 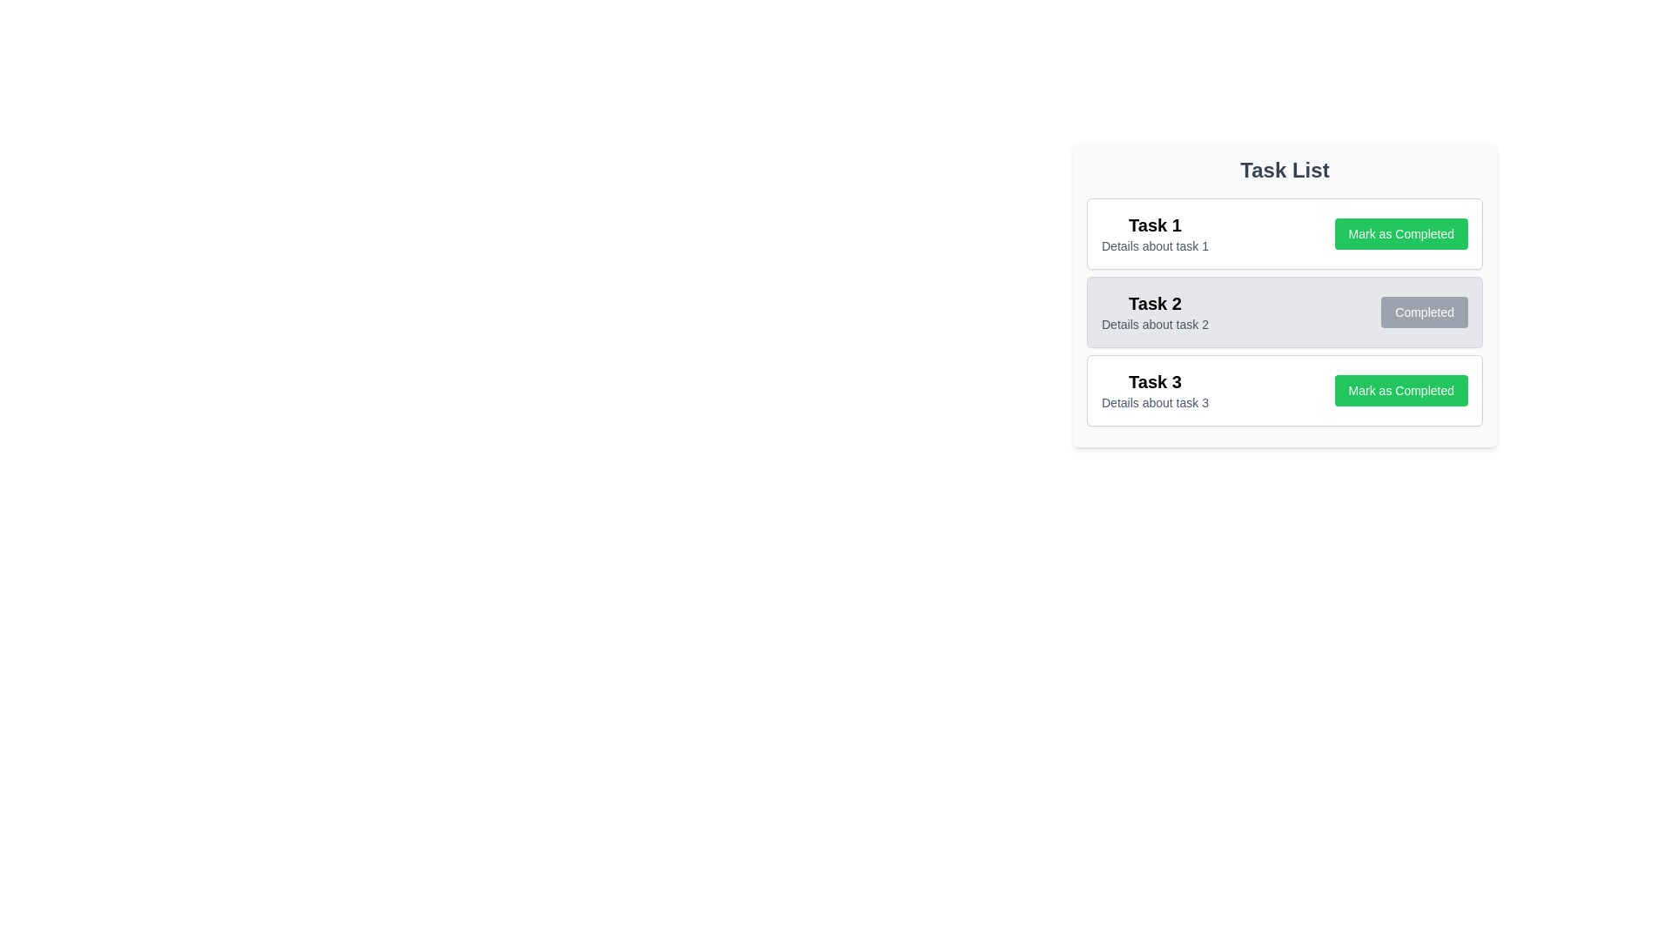 I want to click on the static text element that labels and describes 'Task 2' in the task list, located in the second row of a card within the 'Task List' panel, so click(x=1155, y=311).